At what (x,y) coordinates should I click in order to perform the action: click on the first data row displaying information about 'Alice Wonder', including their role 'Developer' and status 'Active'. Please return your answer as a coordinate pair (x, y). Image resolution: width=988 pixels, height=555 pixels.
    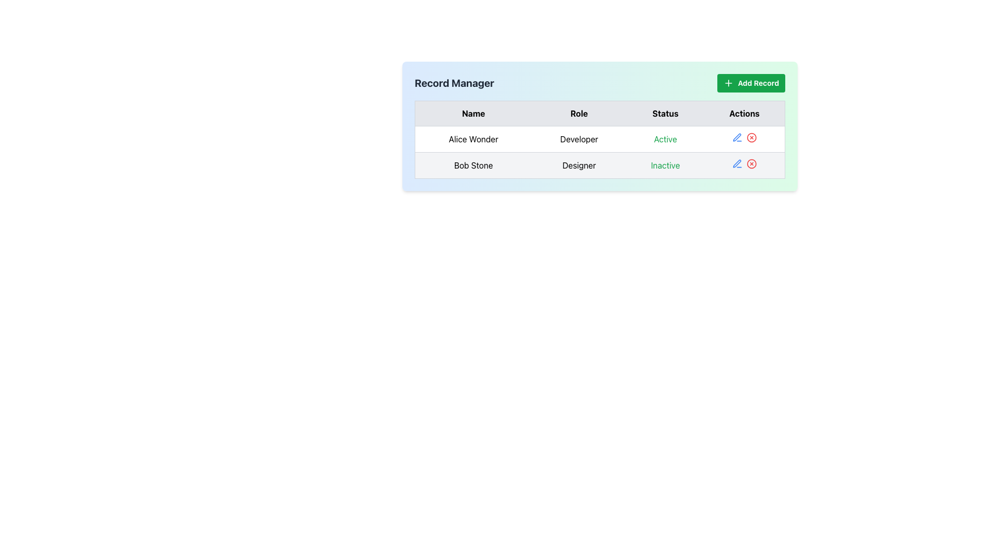
    Looking at the image, I should click on (600, 152).